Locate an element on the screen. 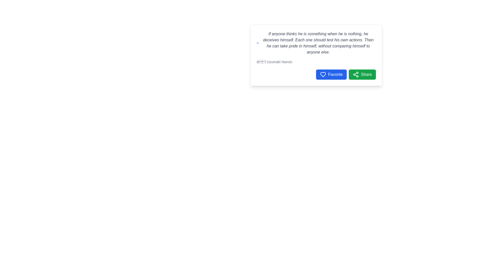  the second button in the bottom right corner of the card to change its background color is located at coordinates (362, 74).